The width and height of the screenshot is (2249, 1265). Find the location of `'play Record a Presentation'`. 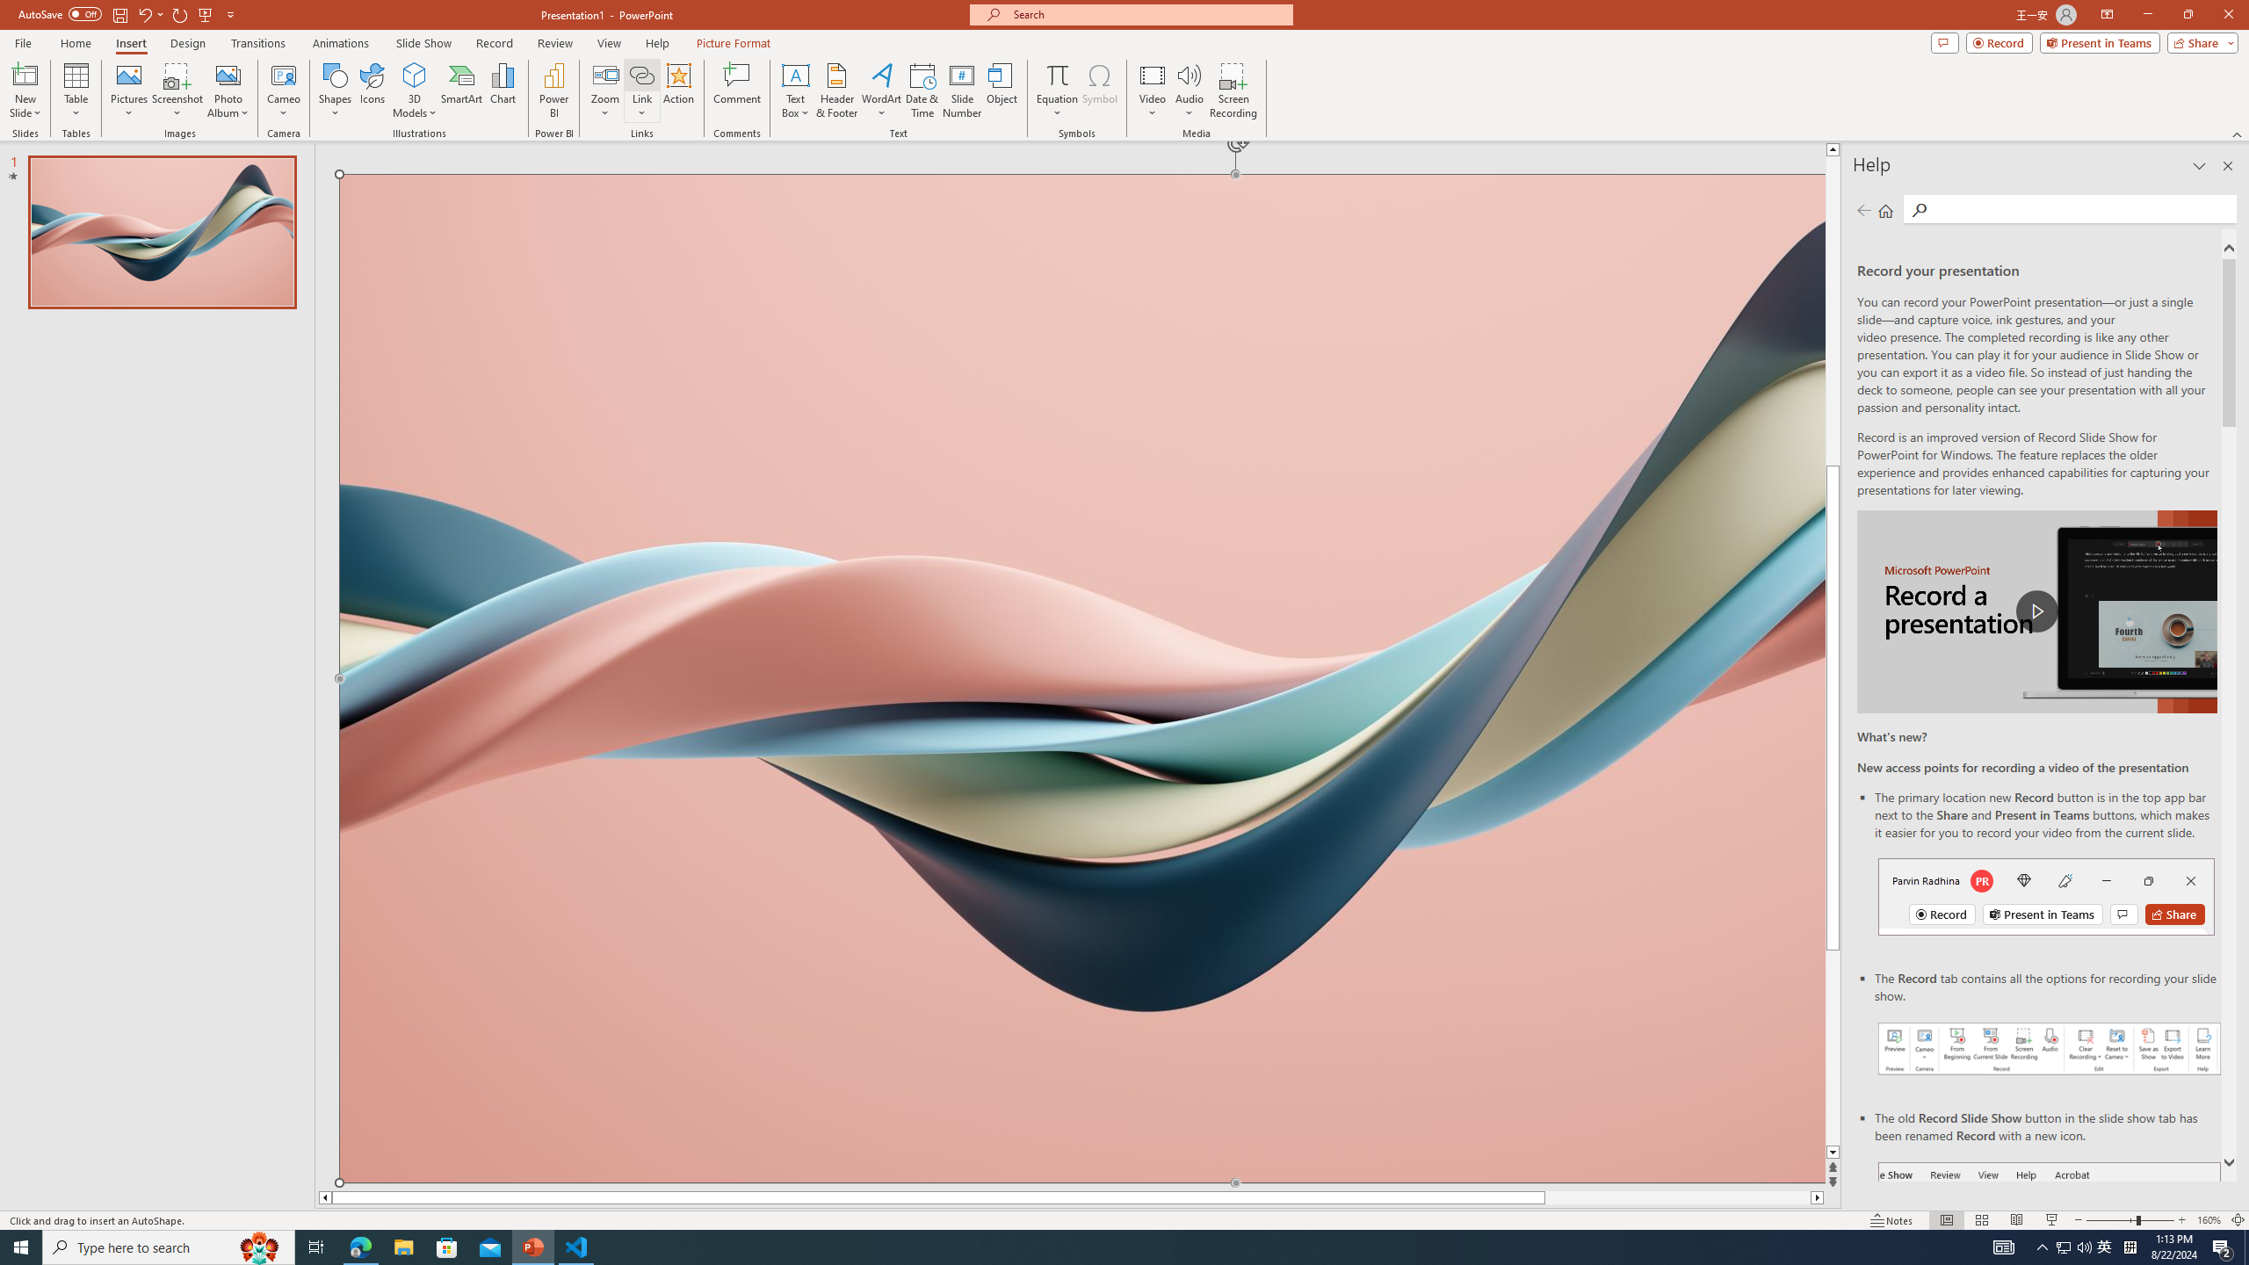

'play Record a Presentation' is located at coordinates (2036, 611).